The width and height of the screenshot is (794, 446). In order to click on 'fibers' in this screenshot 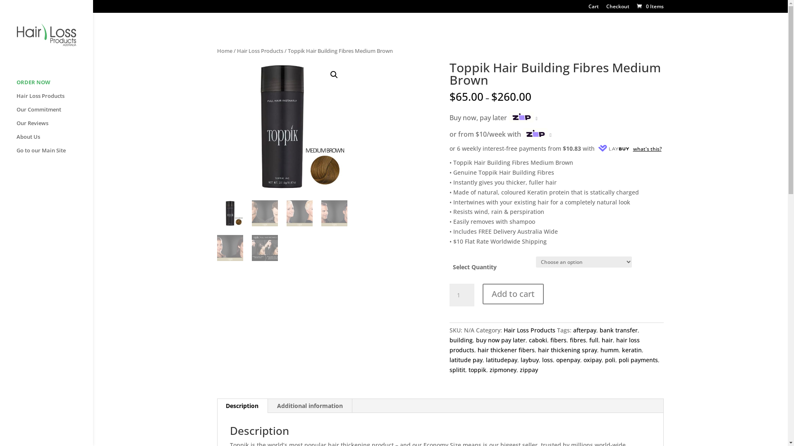, I will do `click(558, 340)`.